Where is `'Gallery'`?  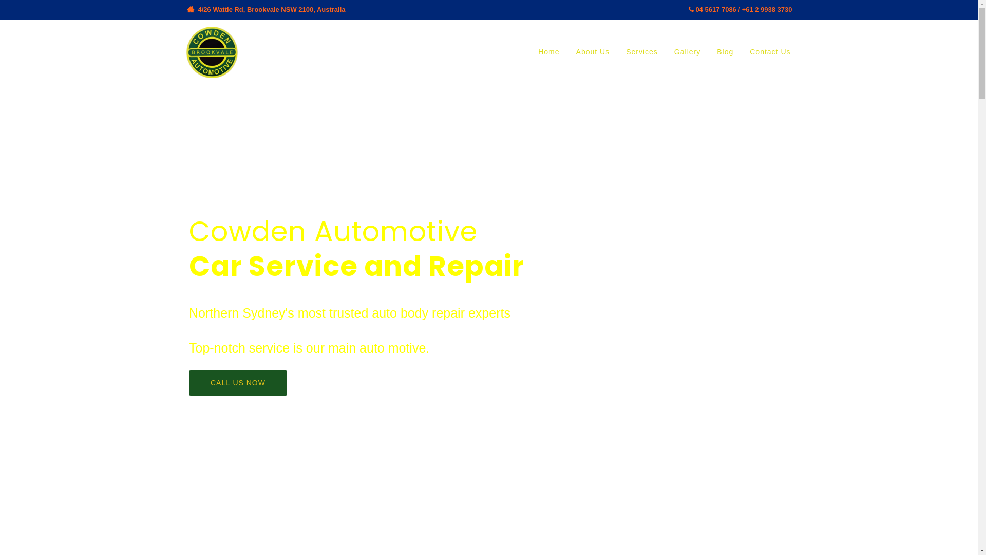
'Gallery' is located at coordinates (687, 51).